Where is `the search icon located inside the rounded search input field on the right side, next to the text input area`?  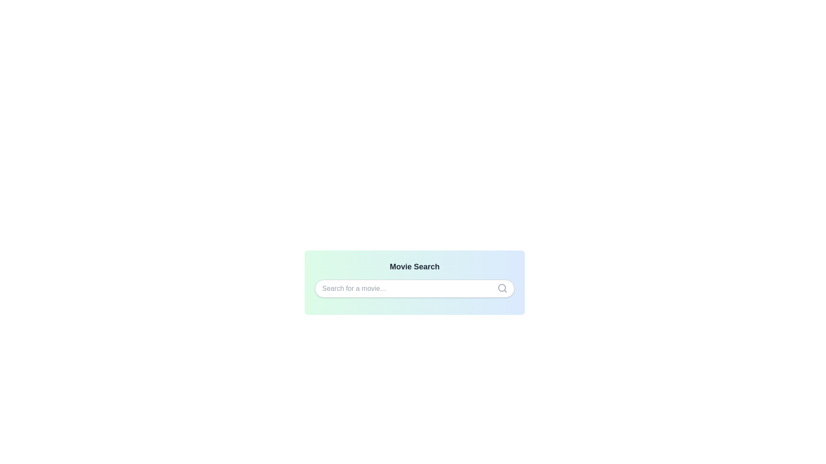
the search icon located inside the rounded search input field on the right side, next to the text input area is located at coordinates (502, 288).